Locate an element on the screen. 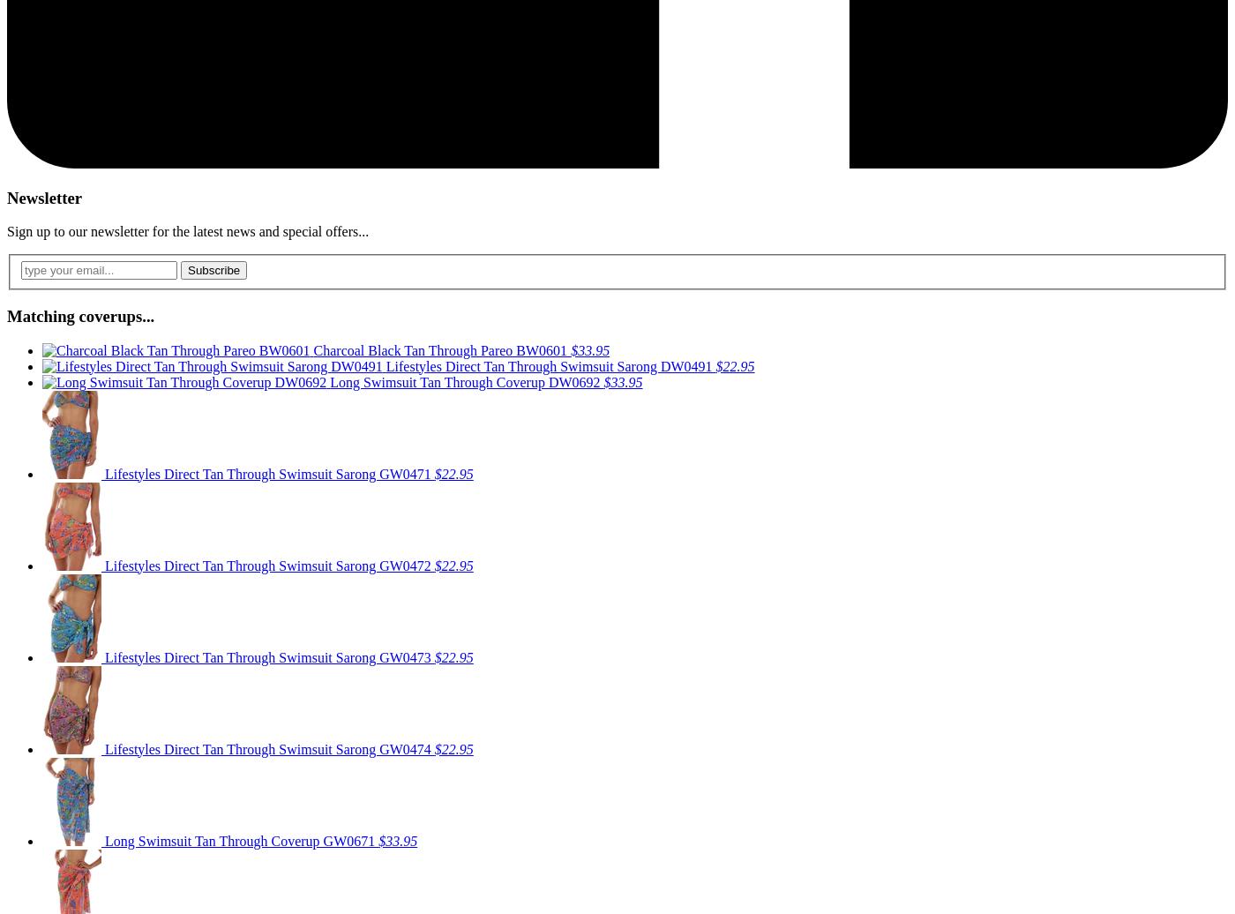 Image resolution: width=1235 pixels, height=914 pixels. 'Lifestyles Direct Tan Through Swimsuit Sarong GW0473' is located at coordinates (269, 656).